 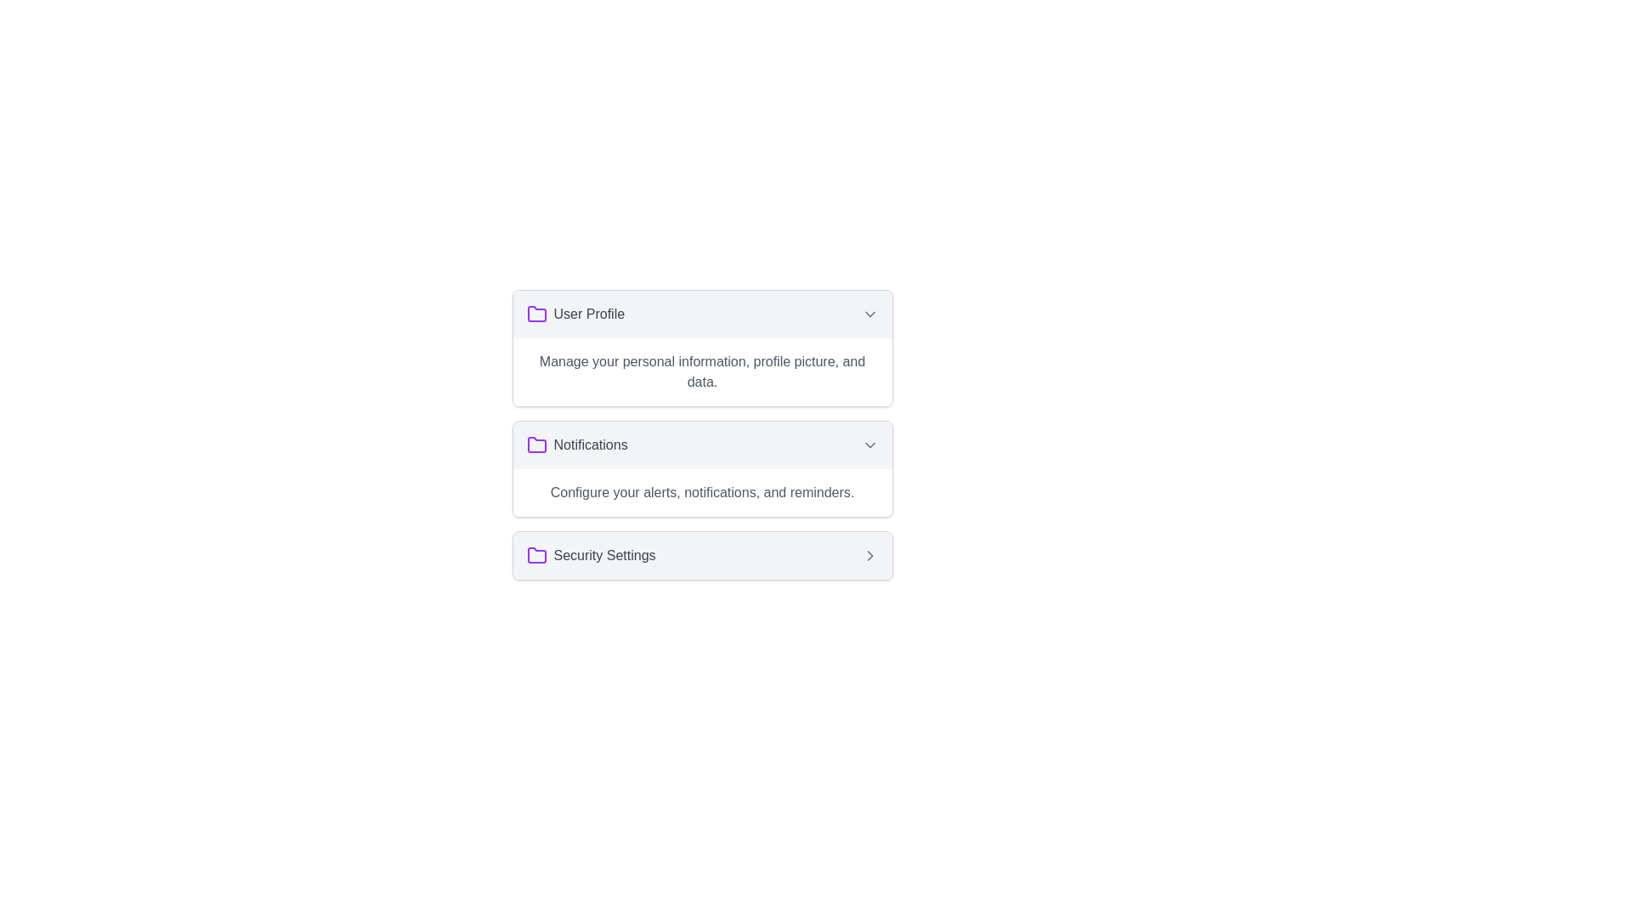 What do you see at coordinates (591, 556) in the screenshot?
I see `the third Menu Item with Icon and Text` at bounding box center [591, 556].